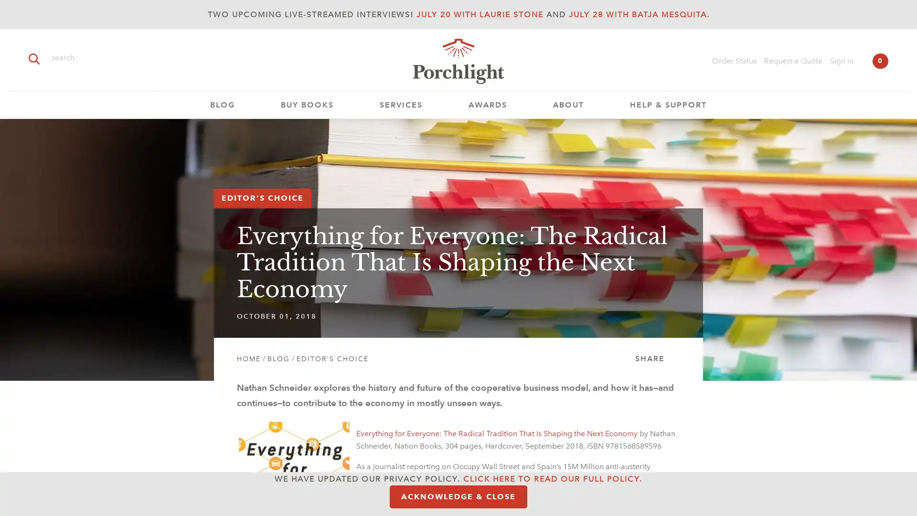 Image resolution: width=917 pixels, height=516 pixels. What do you see at coordinates (880, 61) in the screenshot?
I see `0` at bounding box center [880, 61].